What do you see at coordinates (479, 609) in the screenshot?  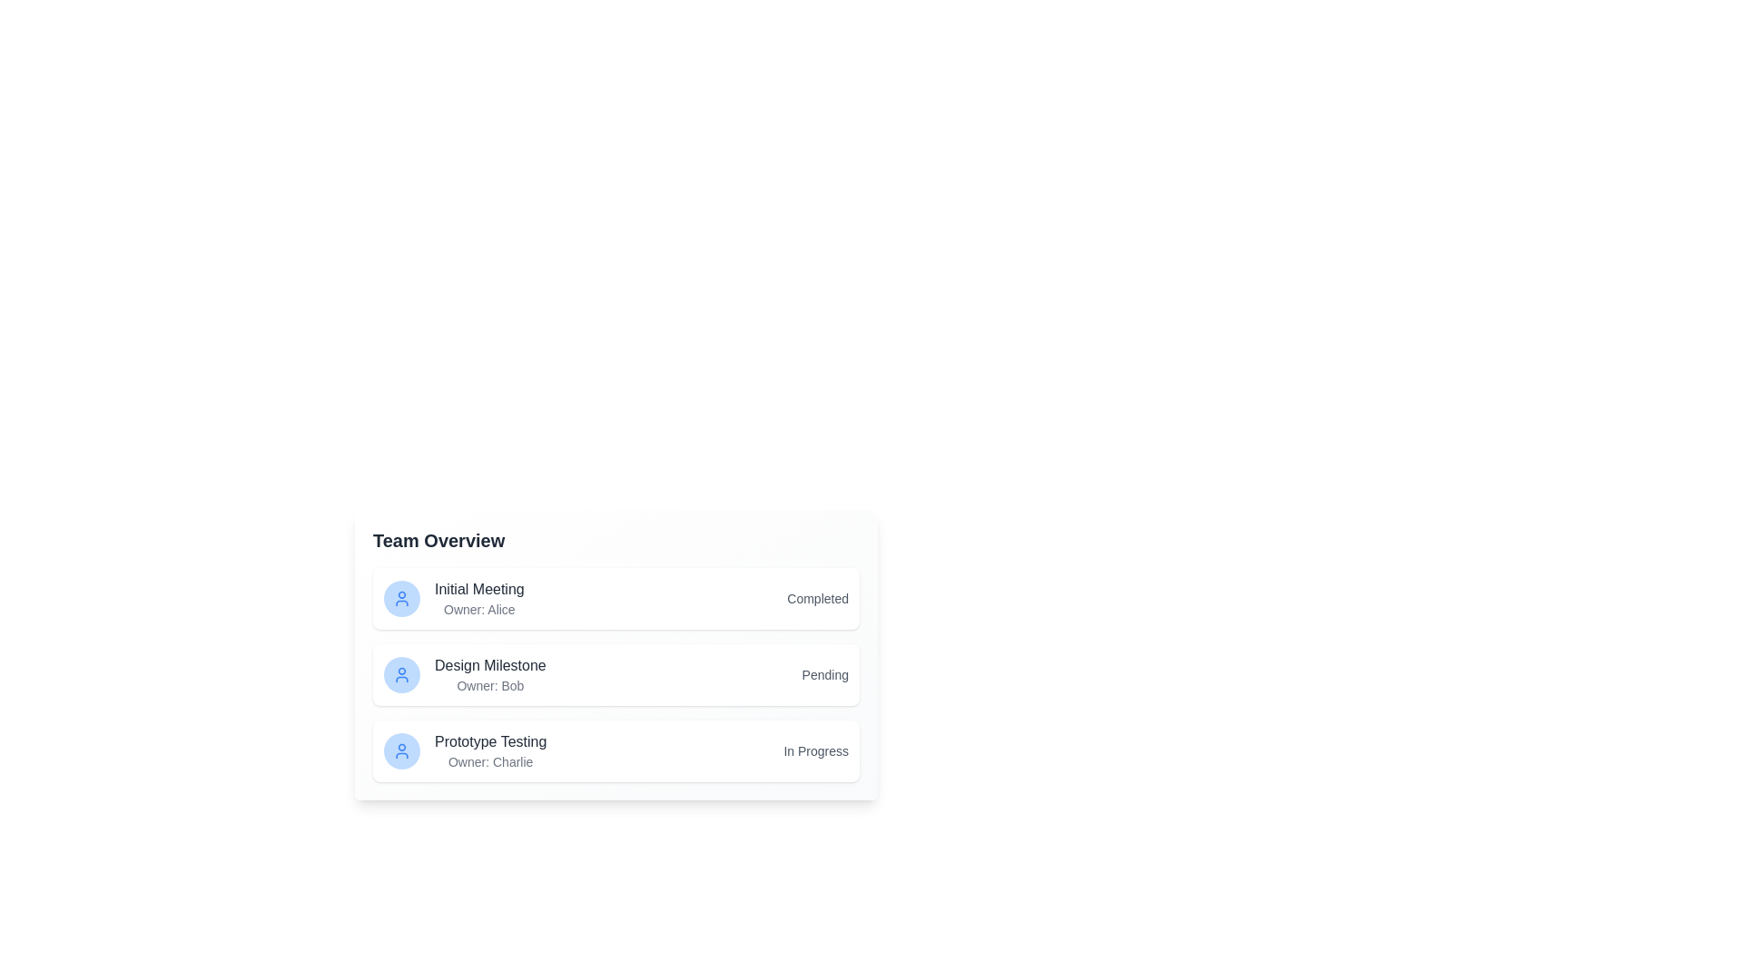 I see `the text label that reads 'Owner: Alice', which is styled in gray and positioned below the 'Initial Meeting' header` at bounding box center [479, 609].